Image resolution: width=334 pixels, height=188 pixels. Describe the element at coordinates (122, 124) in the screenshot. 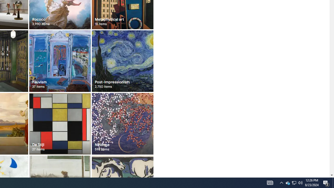

I see `'Nihonga 593 items'` at that location.